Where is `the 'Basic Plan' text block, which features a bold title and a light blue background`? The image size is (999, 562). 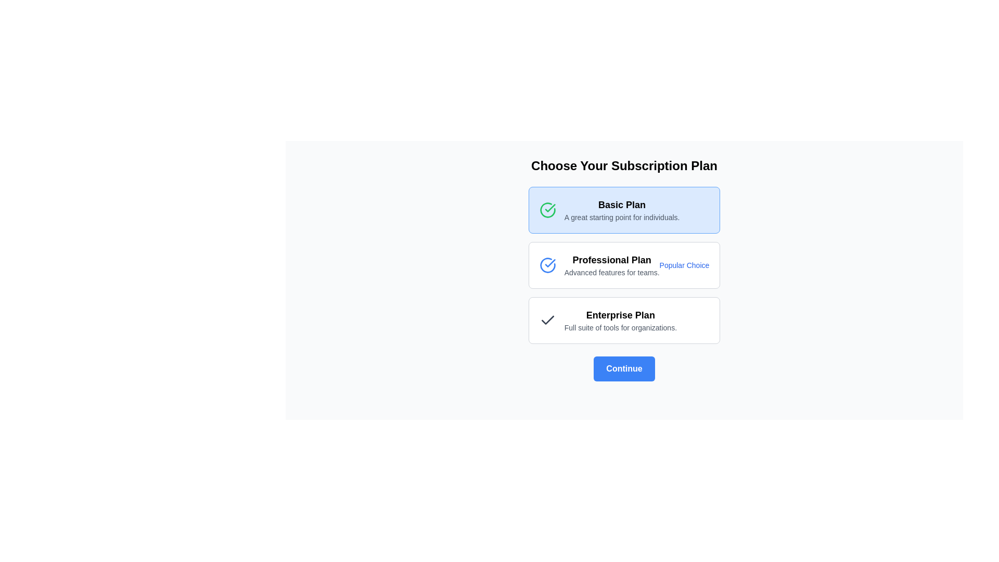 the 'Basic Plan' text block, which features a bold title and a light blue background is located at coordinates (622, 210).